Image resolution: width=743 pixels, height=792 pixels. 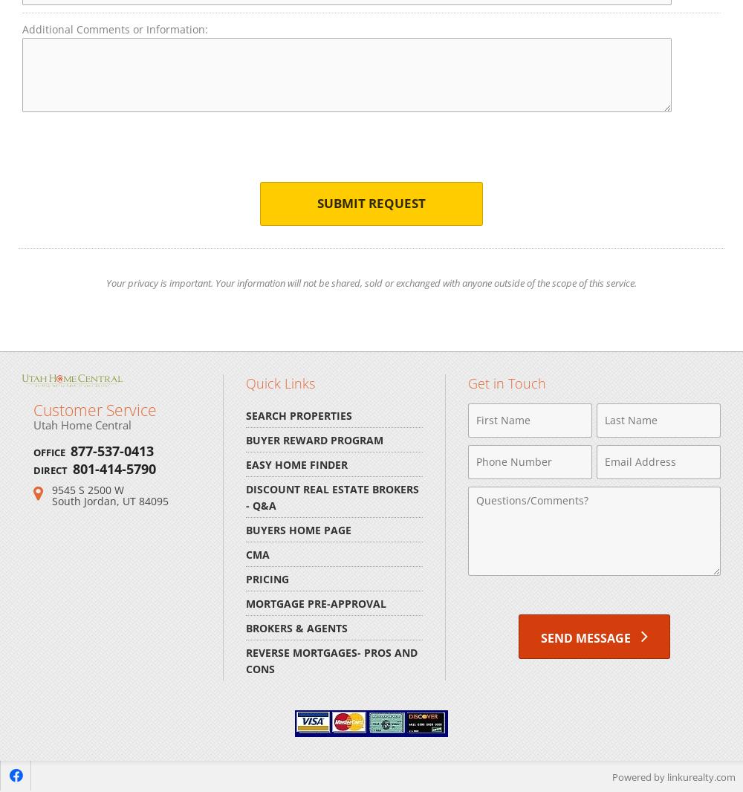 What do you see at coordinates (51, 488) in the screenshot?
I see `'9545 S 2500 W'` at bounding box center [51, 488].